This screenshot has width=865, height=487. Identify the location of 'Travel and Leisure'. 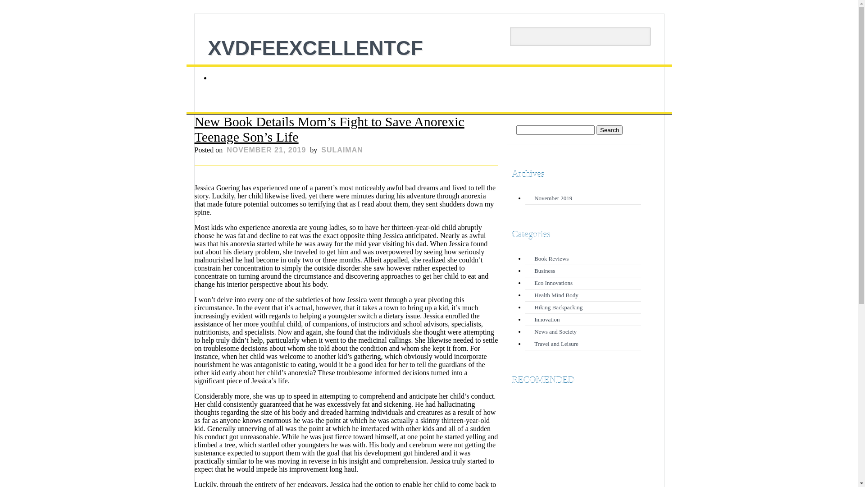
(534, 344).